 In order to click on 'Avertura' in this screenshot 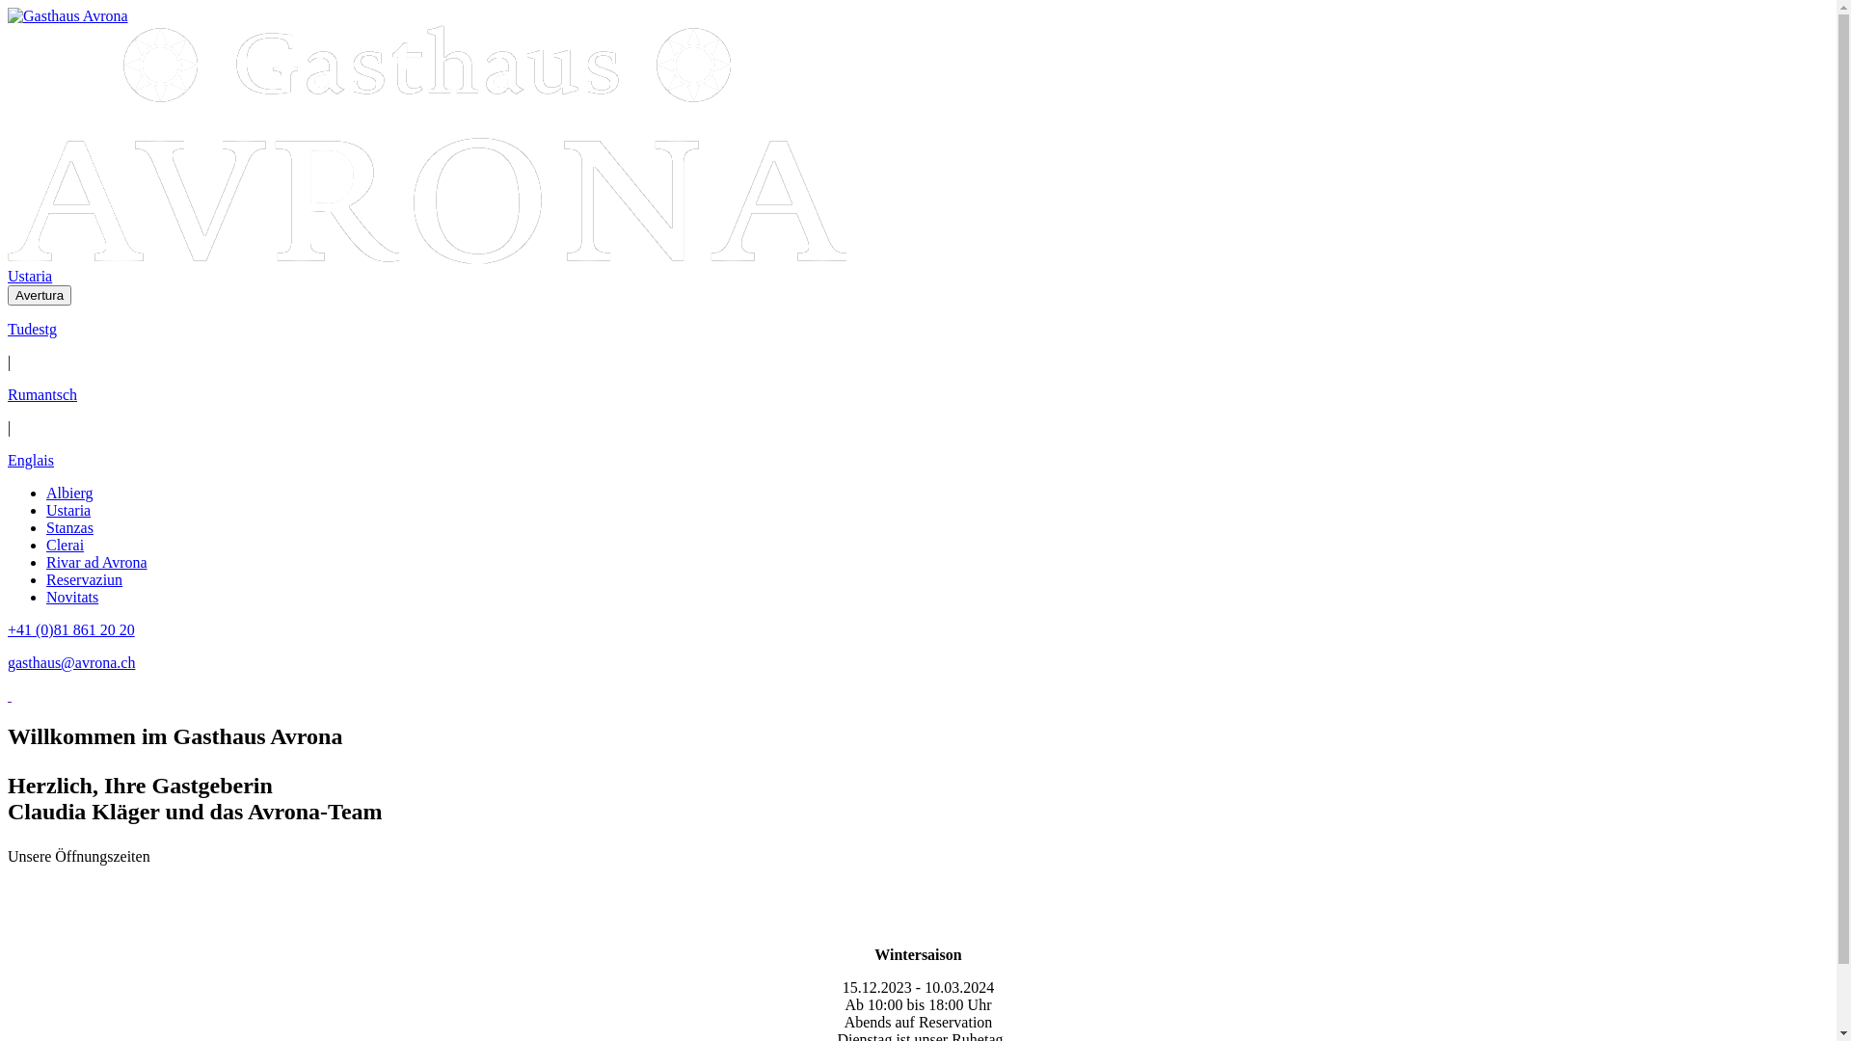, I will do `click(40, 295)`.